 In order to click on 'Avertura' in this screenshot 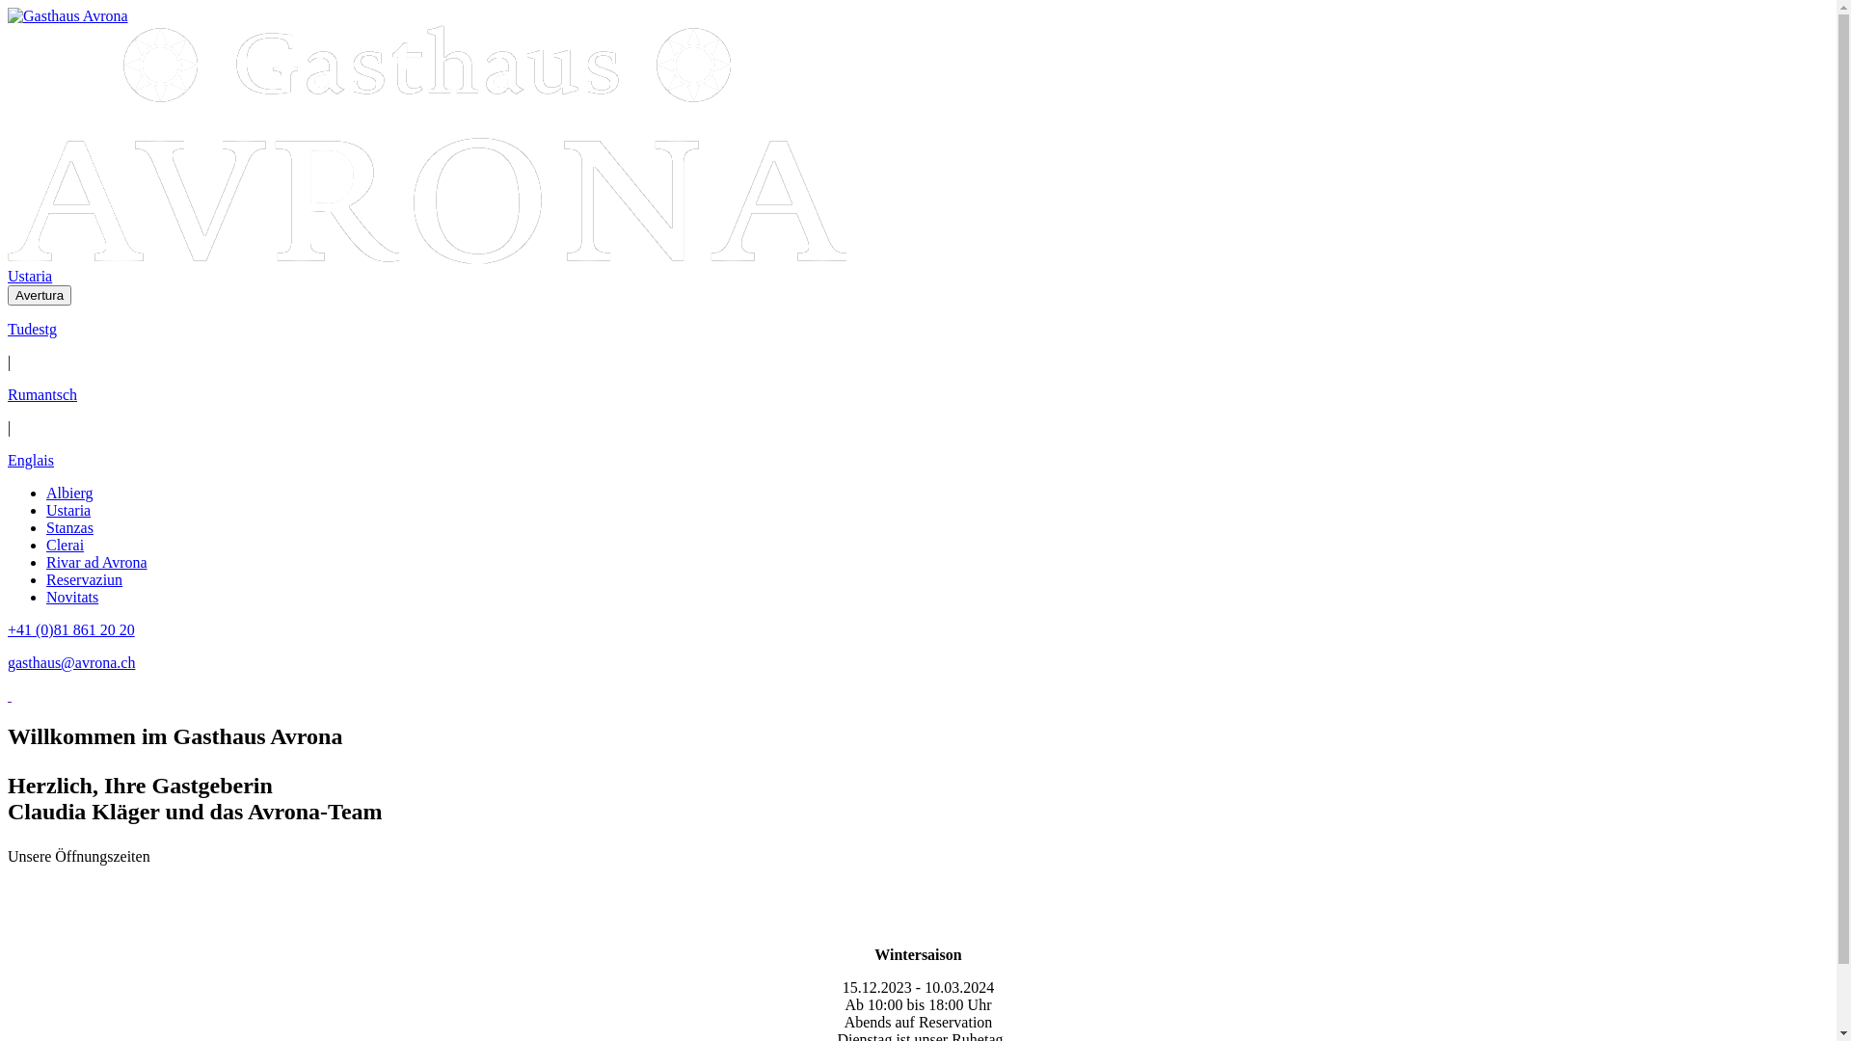, I will do `click(40, 295)`.